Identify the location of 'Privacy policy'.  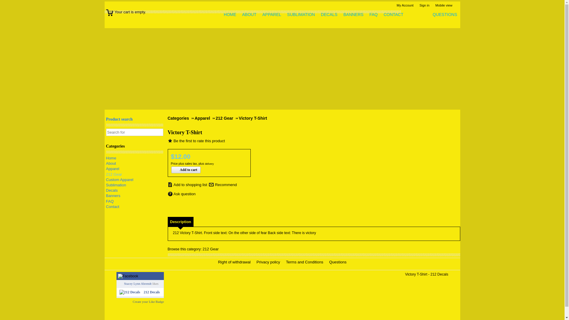
(269, 262).